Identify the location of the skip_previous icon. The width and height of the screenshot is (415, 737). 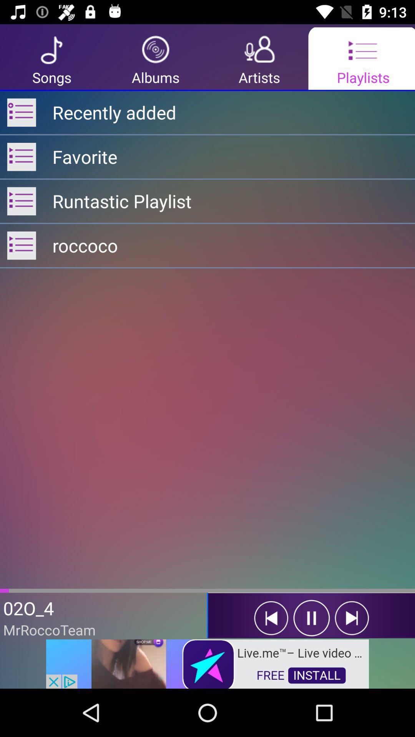
(271, 618).